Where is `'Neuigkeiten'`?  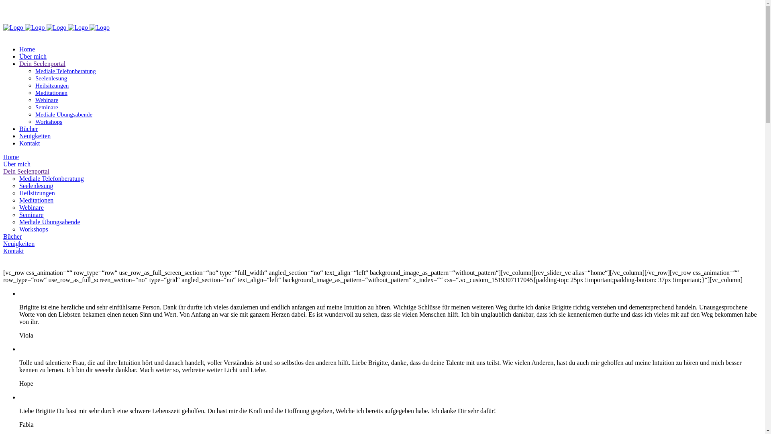
'Neuigkeiten' is located at coordinates (34, 135).